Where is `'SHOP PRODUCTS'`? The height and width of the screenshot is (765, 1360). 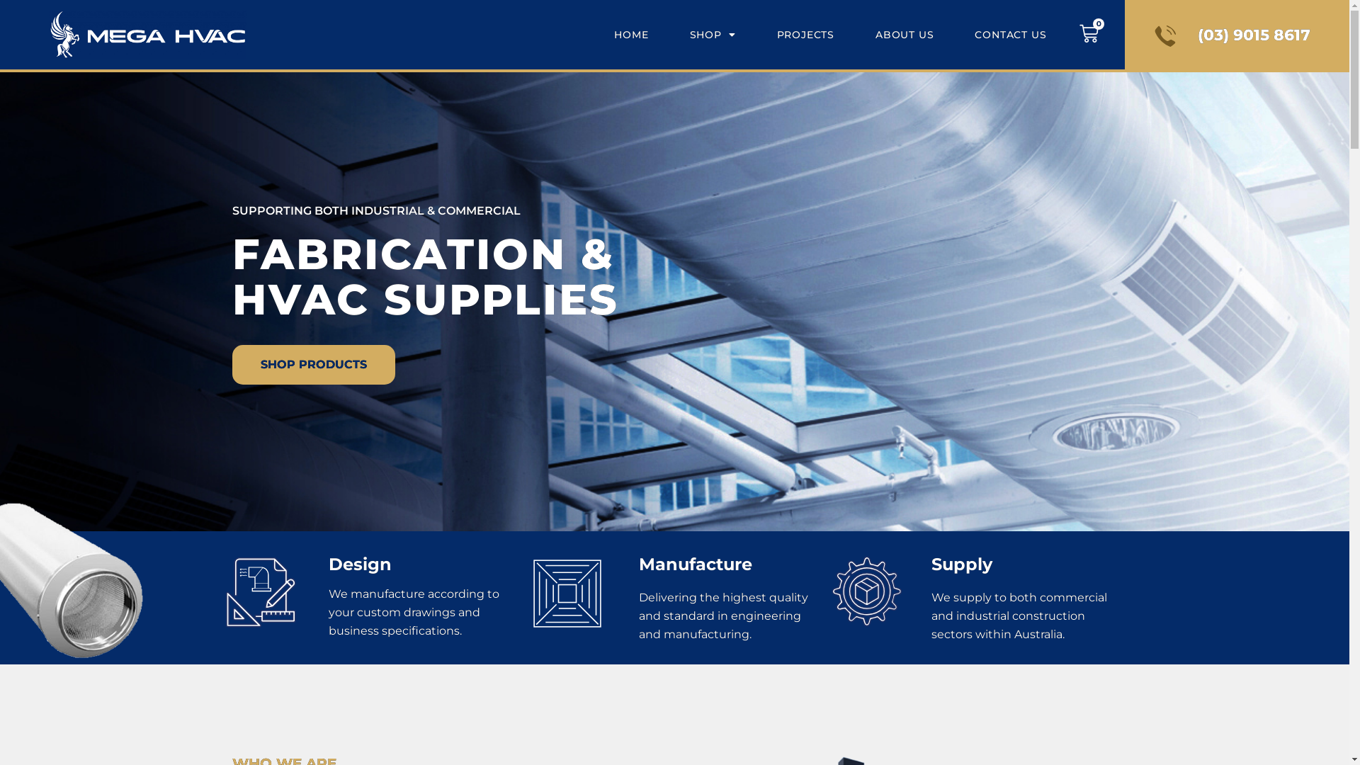
'SHOP PRODUCTS' is located at coordinates (312, 364).